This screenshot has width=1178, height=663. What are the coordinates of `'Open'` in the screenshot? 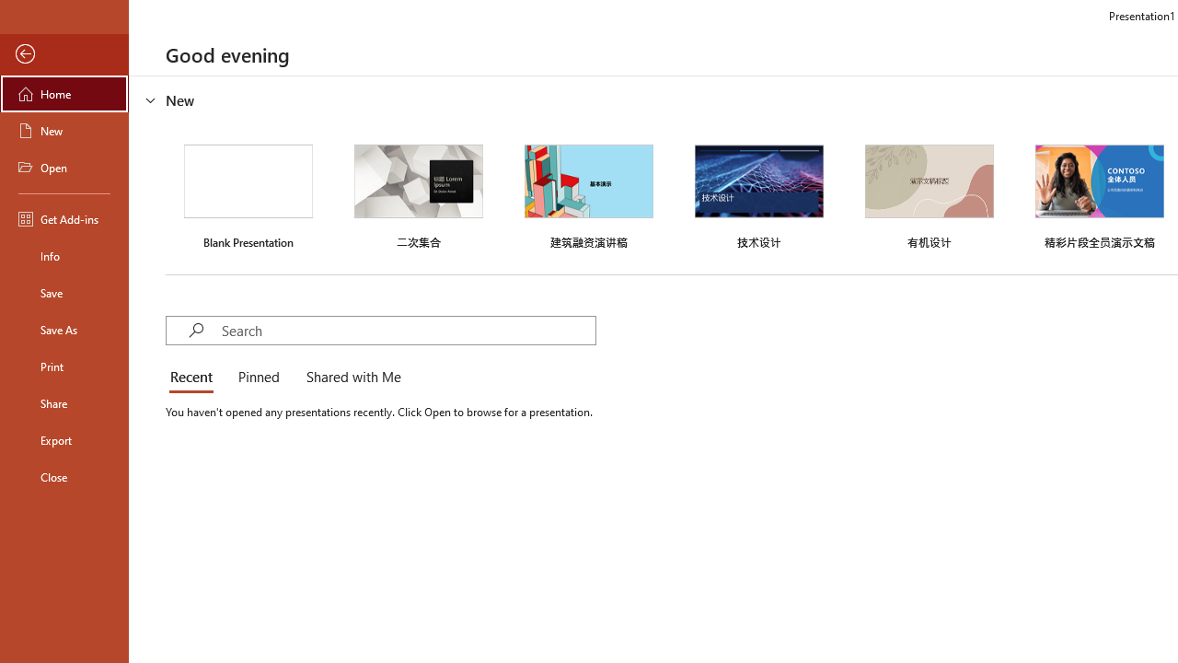 It's located at (64, 168).